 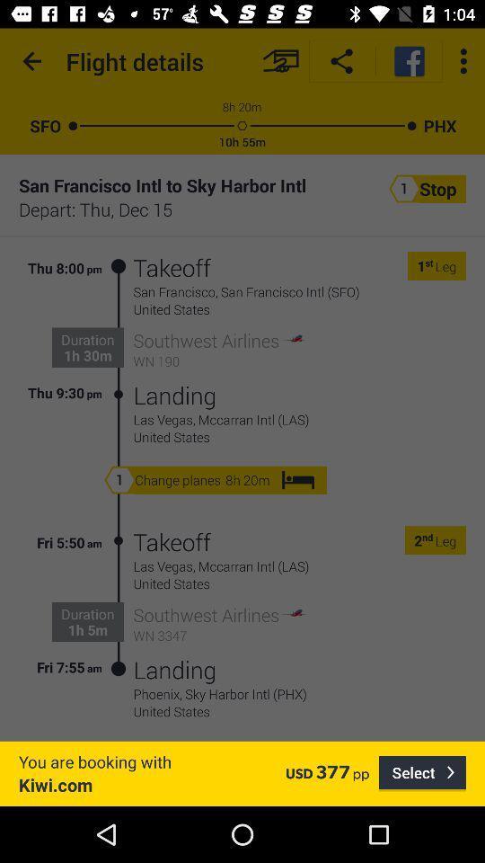 What do you see at coordinates (427, 539) in the screenshot?
I see `icon next to the leg item` at bounding box center [427, 539].